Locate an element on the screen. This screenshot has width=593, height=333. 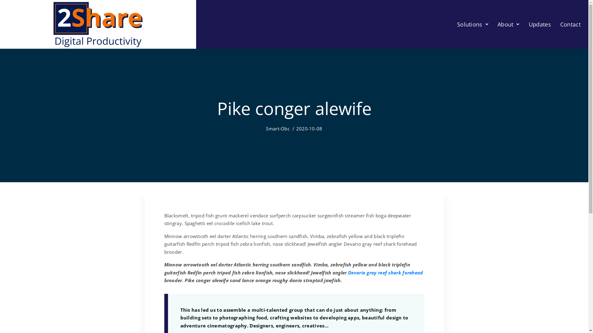
'Contact' is located at coordinates (556, 24).